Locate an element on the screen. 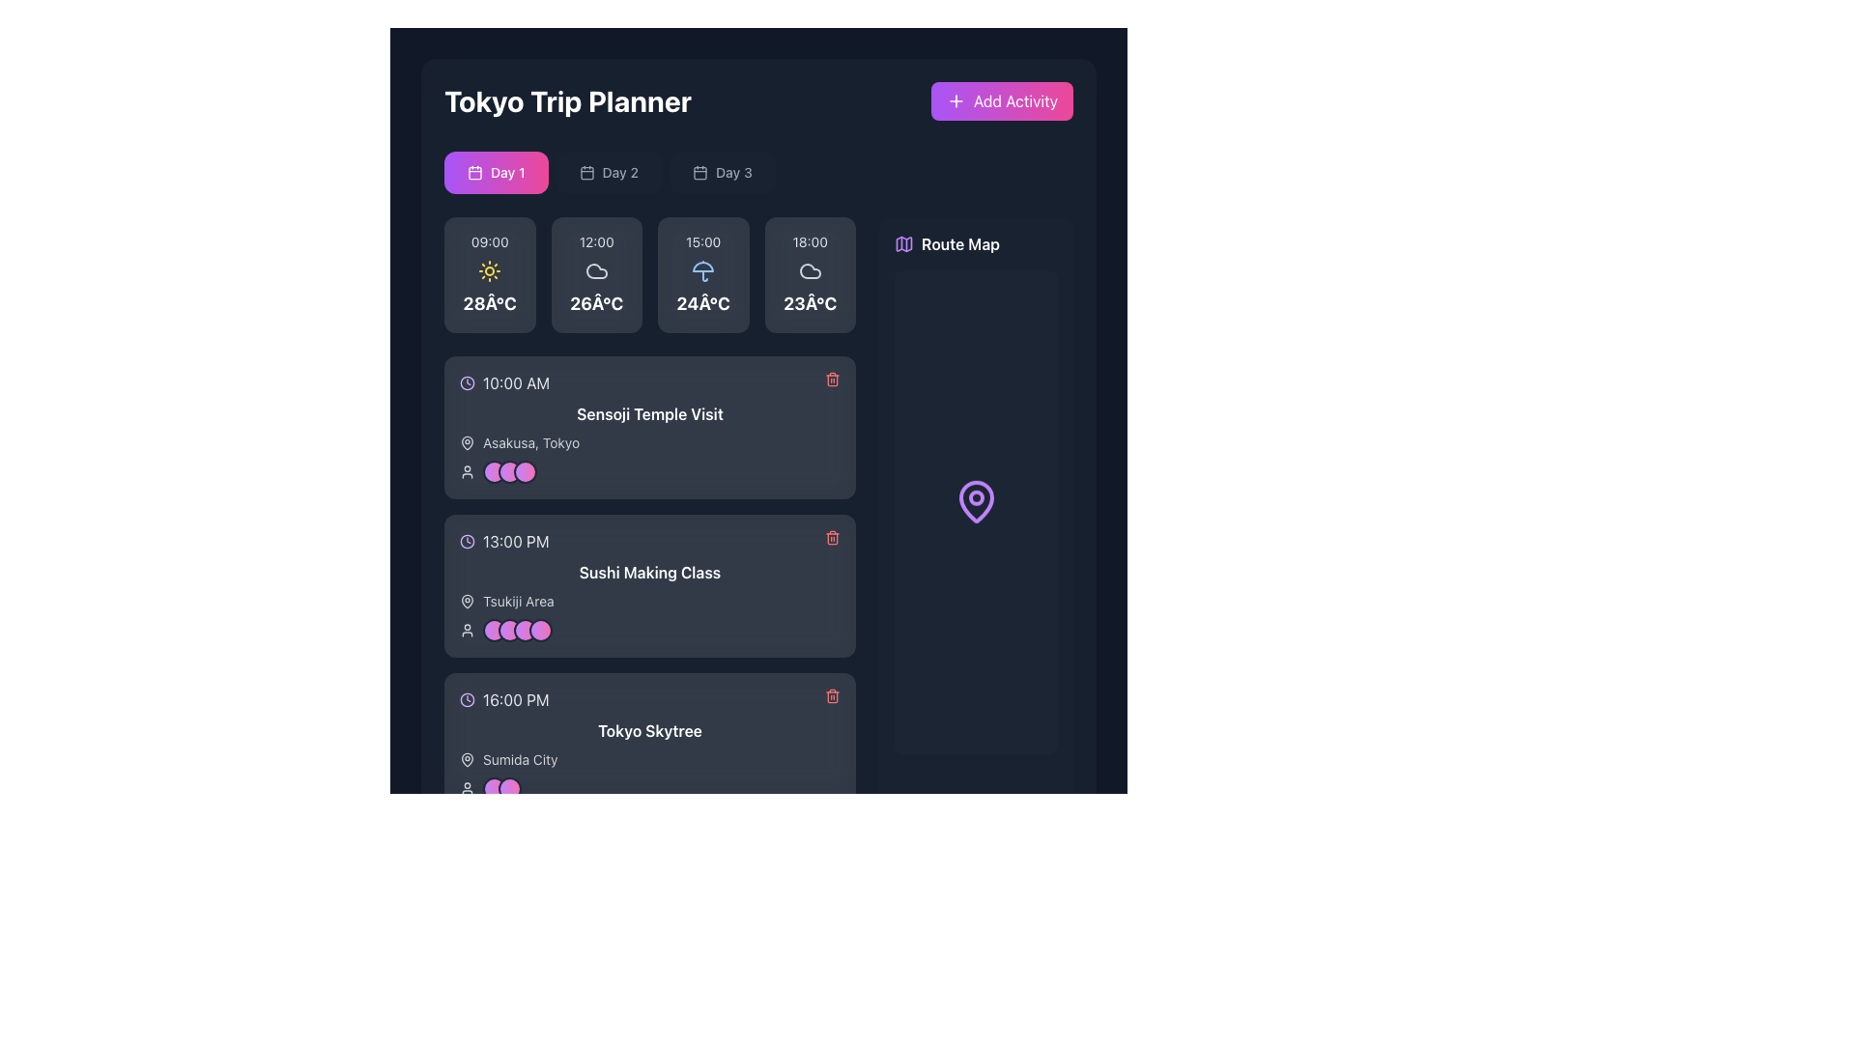  the delete icon button located to the right of the 'Tokyo Skytree' list entry to receive visual feedback is located at coordinates (833, 696).